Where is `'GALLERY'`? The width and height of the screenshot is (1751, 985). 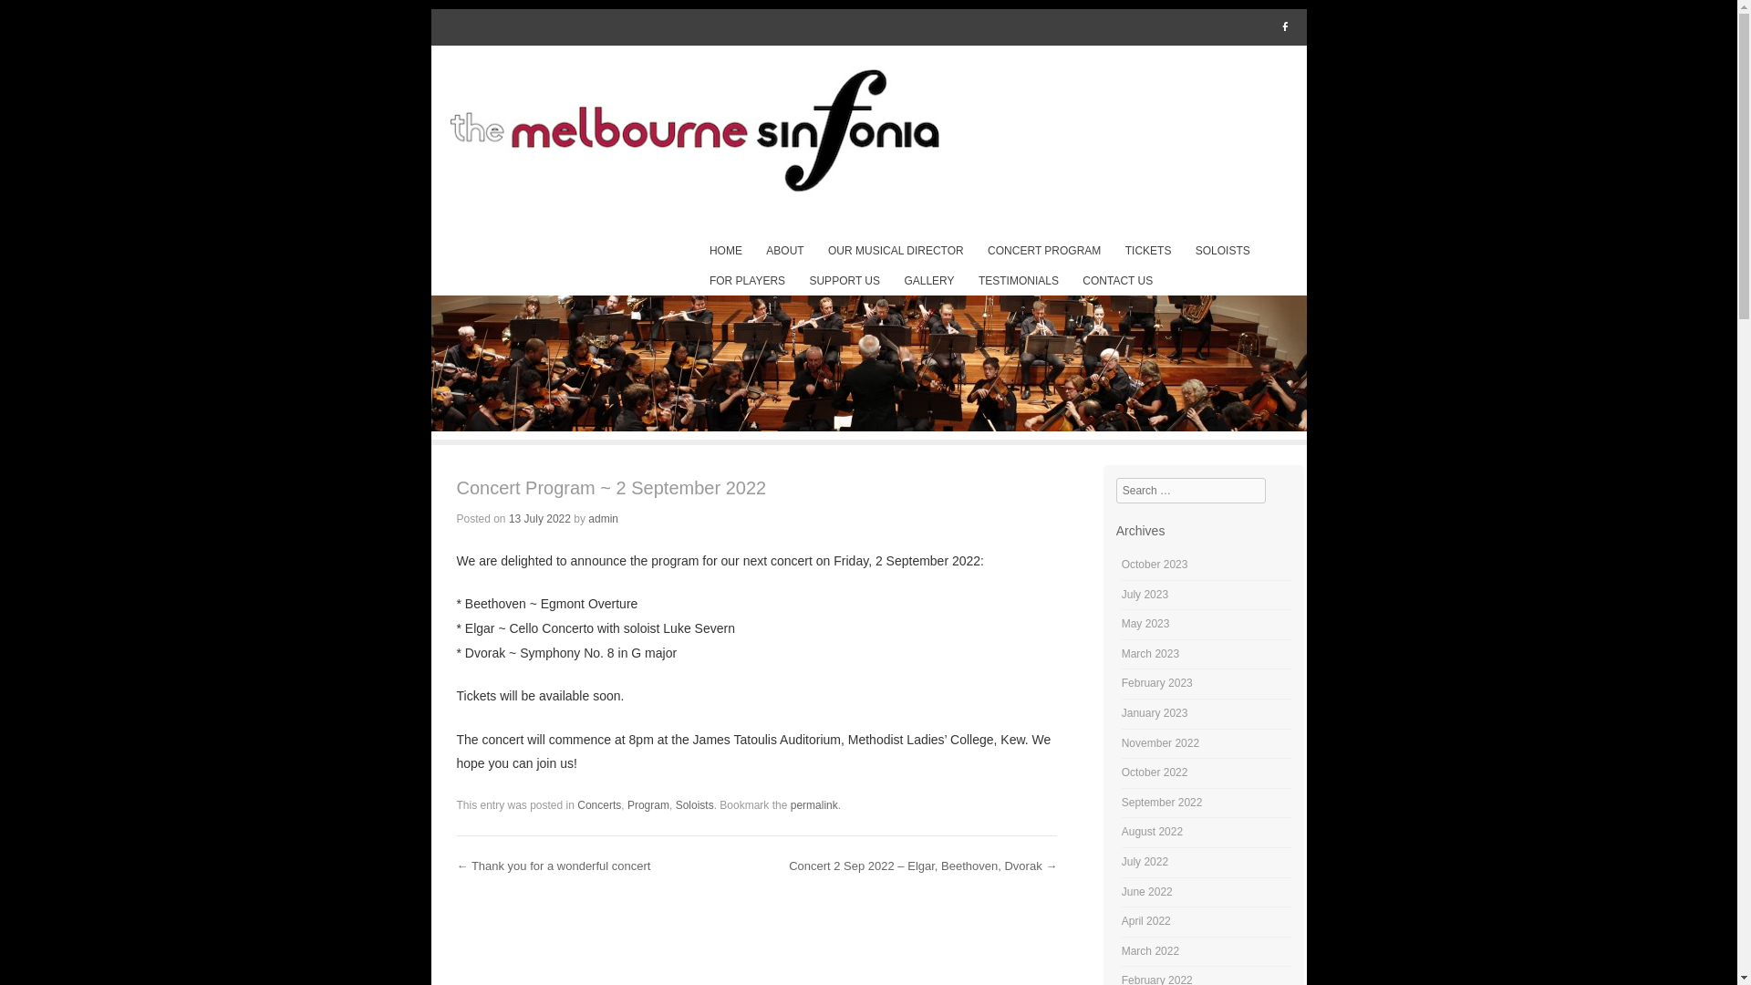 'GALLERY' is located at coordinates (928, 281).